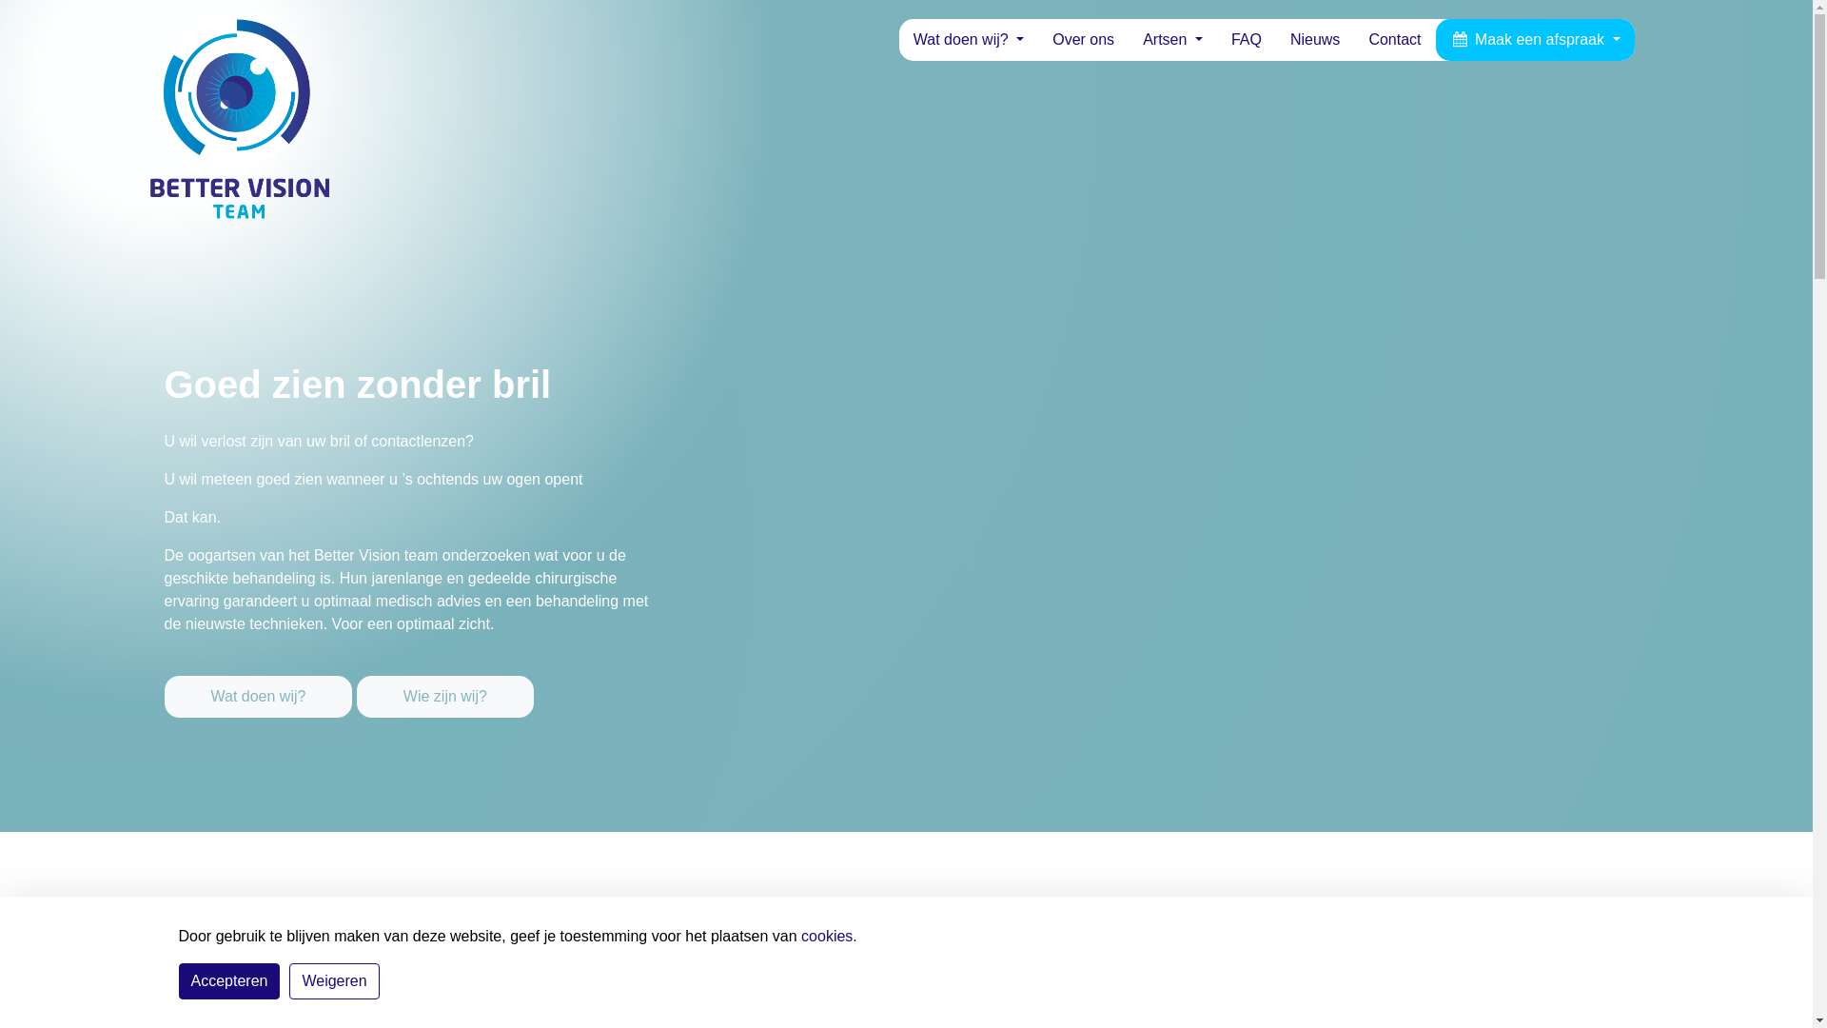  Describe the element at coordinates (443, 697) in the screenshot. I see `'Wie zijn wij?'` at that location.